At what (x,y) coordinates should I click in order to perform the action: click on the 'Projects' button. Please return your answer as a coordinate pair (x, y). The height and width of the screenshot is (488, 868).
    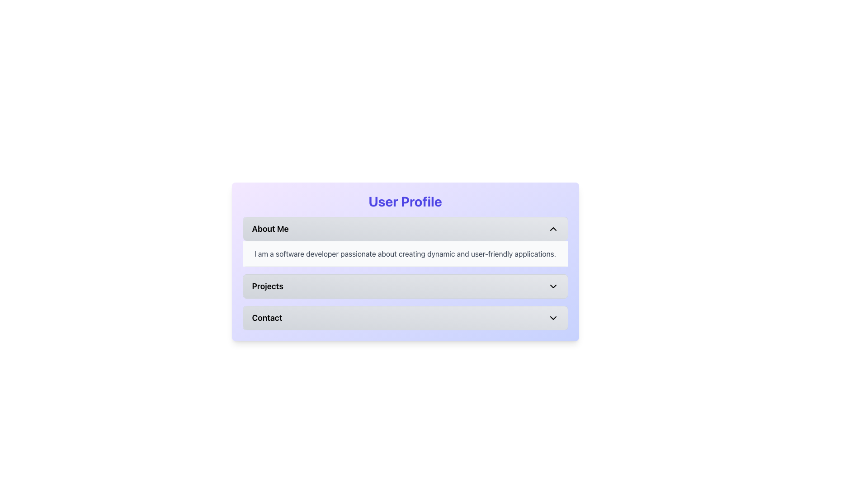
    Looking at the image, I should click on (405, 286).